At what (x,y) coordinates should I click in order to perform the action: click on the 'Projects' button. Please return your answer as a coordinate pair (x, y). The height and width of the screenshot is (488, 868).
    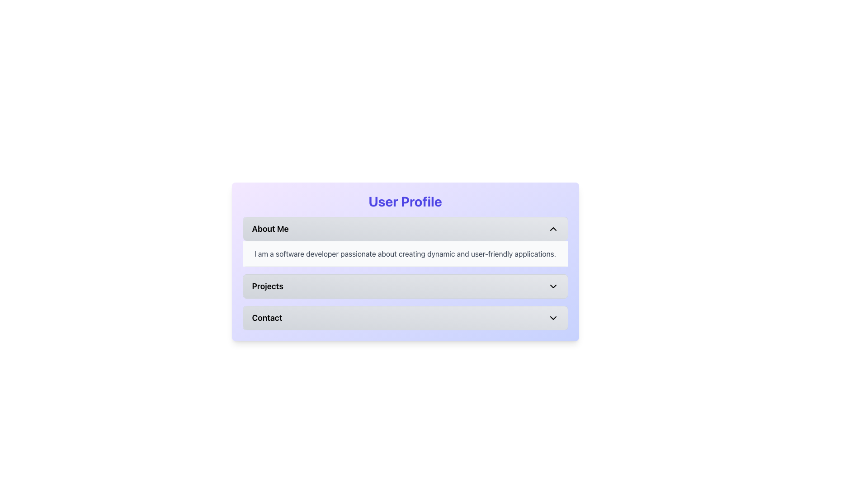
    Looking at the image, I should click on (405, 286).